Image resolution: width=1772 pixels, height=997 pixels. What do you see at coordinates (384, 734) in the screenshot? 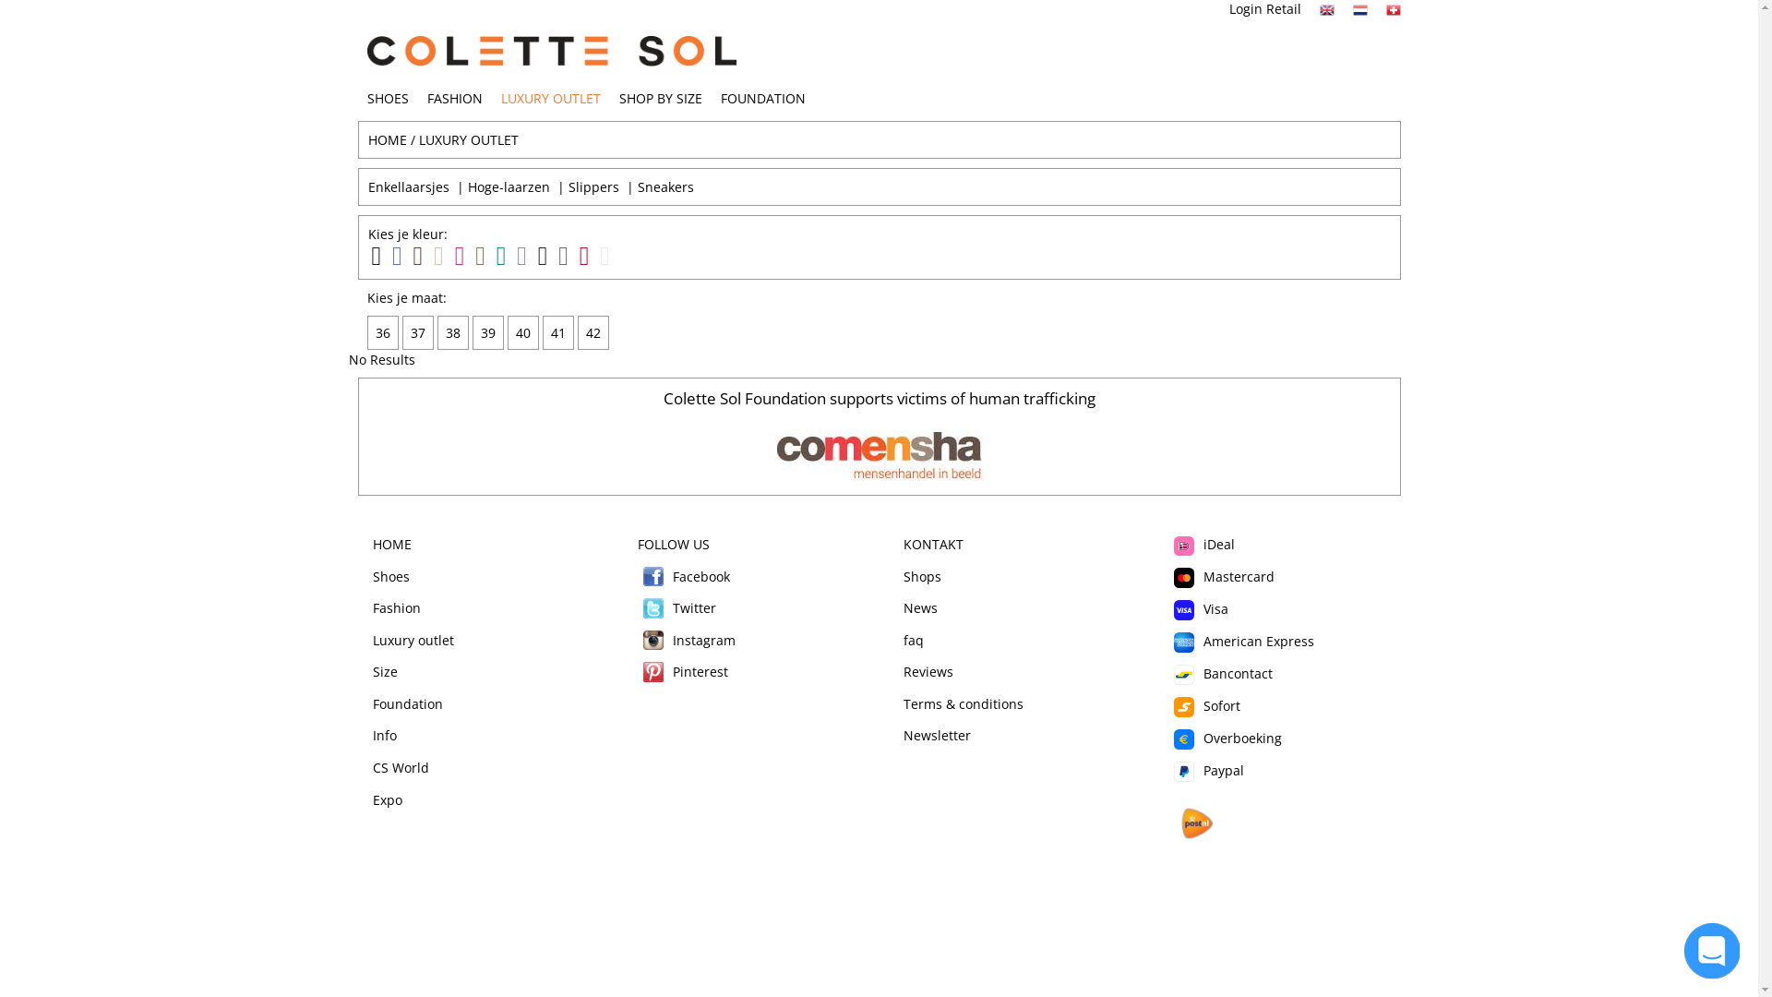
I see `'Info'` at bounding box center [384, 734].